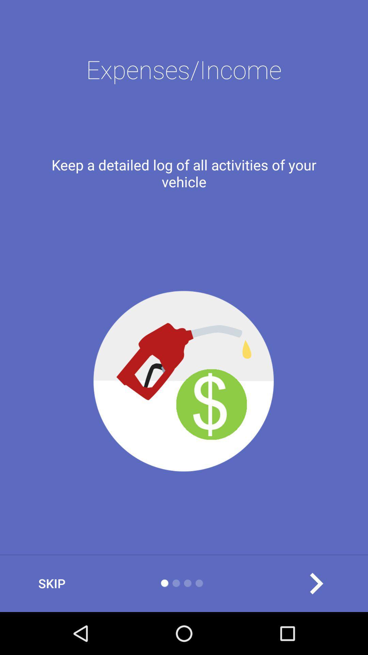 Image resolution: width=368 pixels, height=655 pixels. What do you see at coordinates (316, 583) in the screenshot?
I see `next` at bounding box center [316, 583].